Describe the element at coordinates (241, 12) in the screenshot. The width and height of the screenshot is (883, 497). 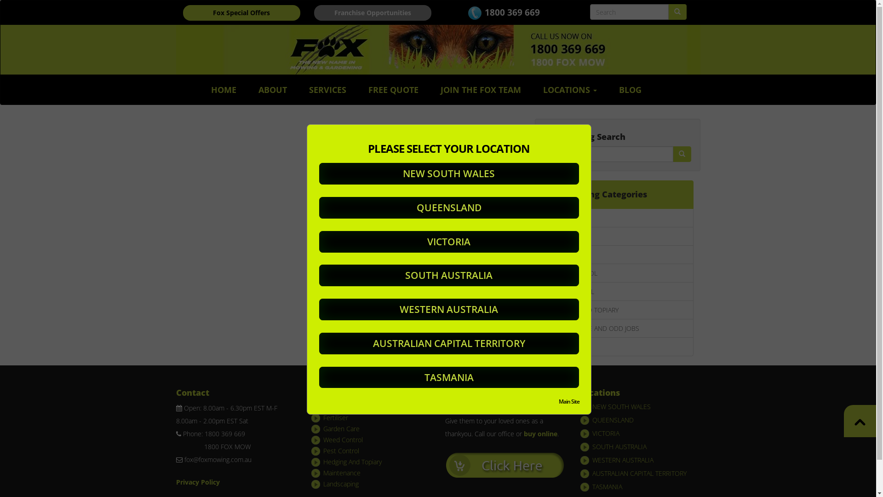
I see `'Fox Special Offers'` at that location.